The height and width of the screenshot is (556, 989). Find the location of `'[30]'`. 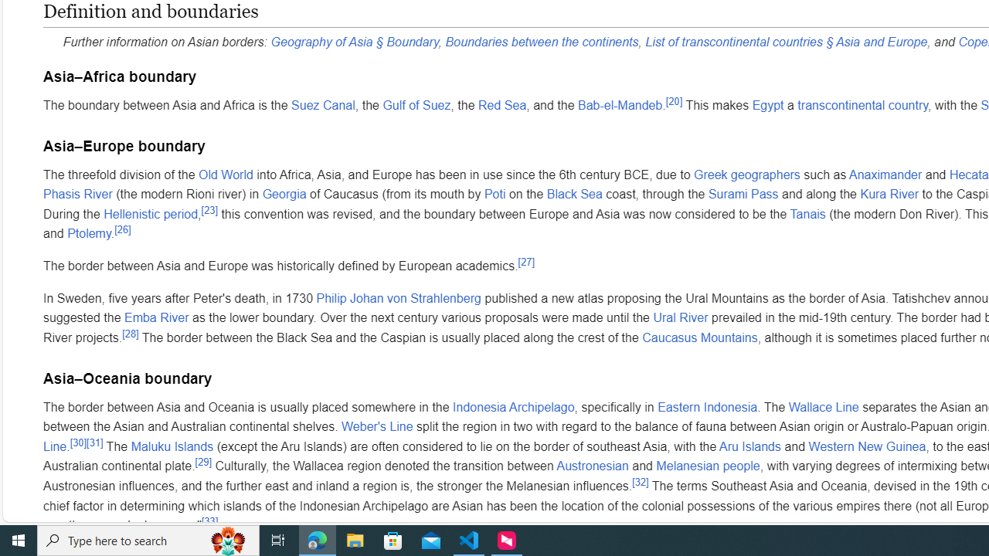

'[30]' is located at coordinates (77, 442).